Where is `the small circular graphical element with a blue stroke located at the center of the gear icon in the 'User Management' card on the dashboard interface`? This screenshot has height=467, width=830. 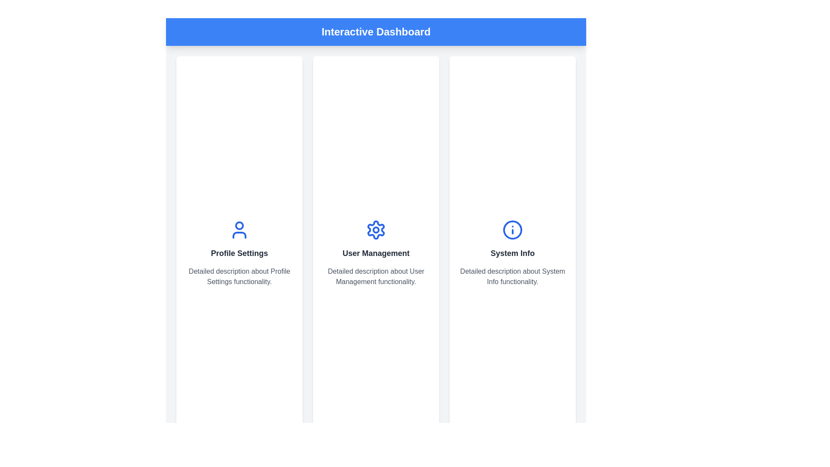 the small circular graphical element with a blue stroke located at the center of the gear icon in the 'User Management' card on the dashboard interface is located at coordinates (376, 230).